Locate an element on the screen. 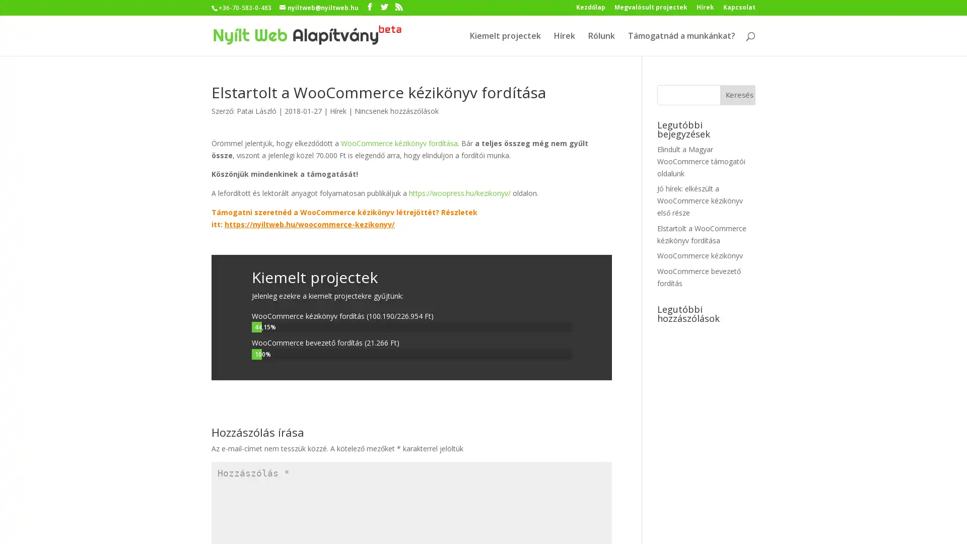  Kereses is located at coordinates (737, 95).